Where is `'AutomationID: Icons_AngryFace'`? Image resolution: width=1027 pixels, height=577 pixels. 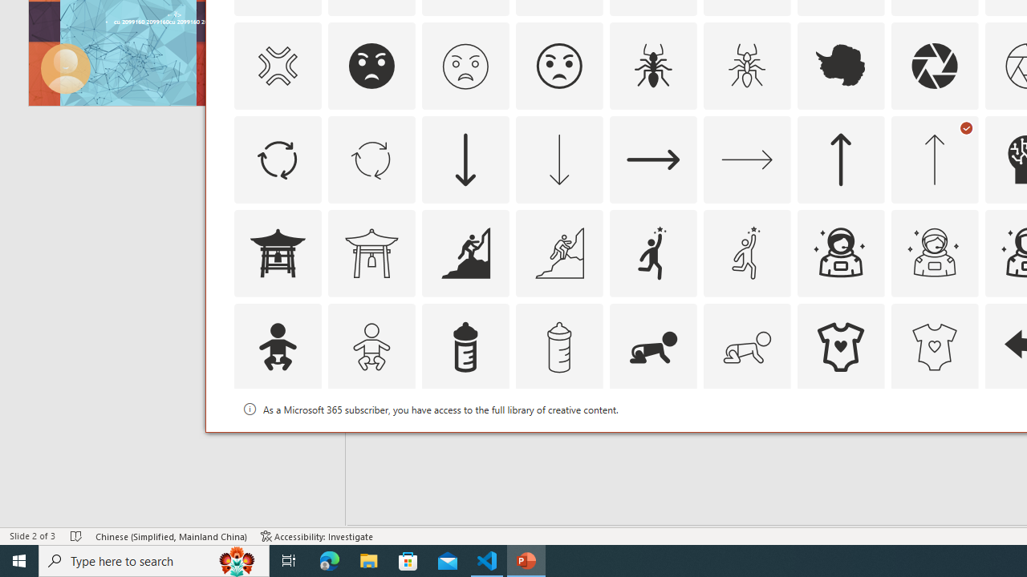 'AutomationID: Icons_AngryFace' is located at coordinates (371, 65).